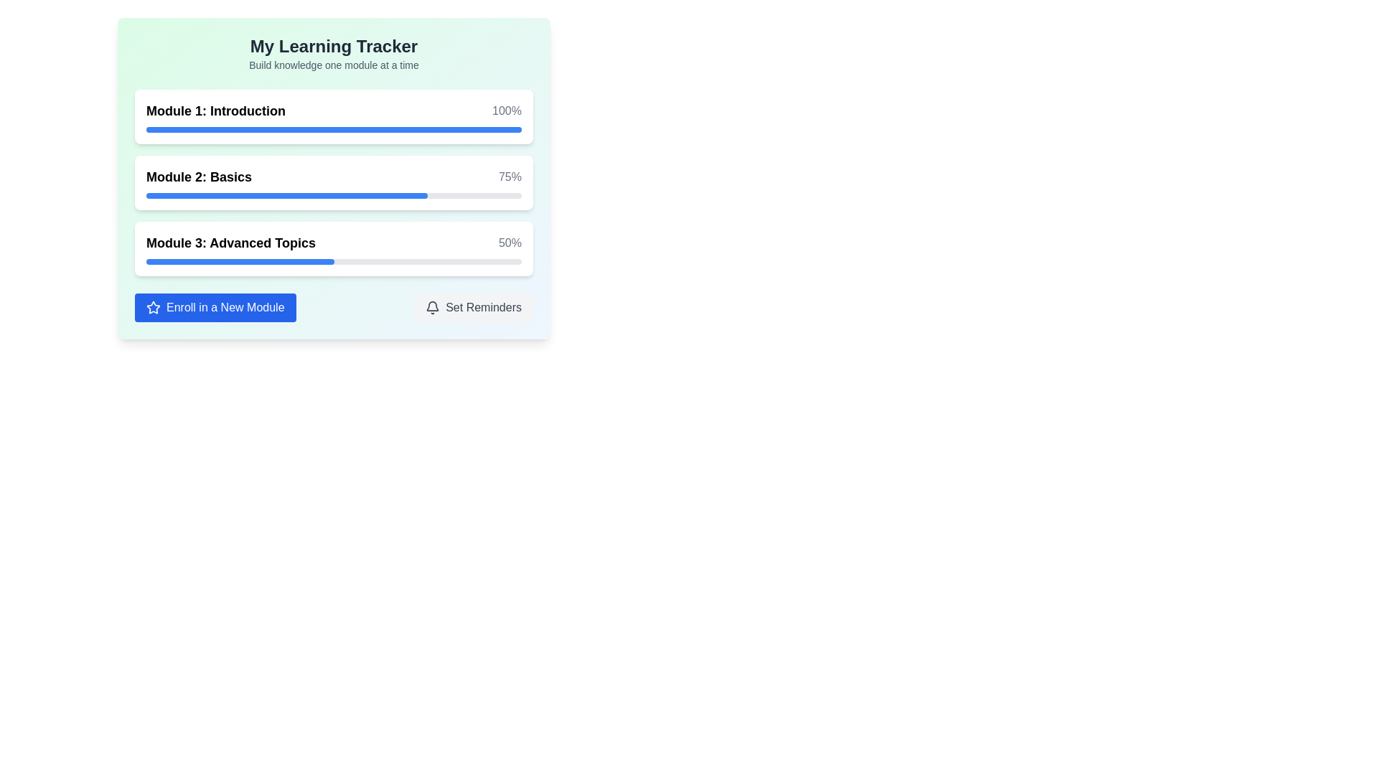 This screenshot has height=775, width=1378. What do you see at coordinates (510, 176) in the screenshot?
I see `the Text Label displaying the progress percentage for 'Module 2: Basics', located on the right side of the corresponding progress bar in the second row of modules` at bounding box center [510, 176].